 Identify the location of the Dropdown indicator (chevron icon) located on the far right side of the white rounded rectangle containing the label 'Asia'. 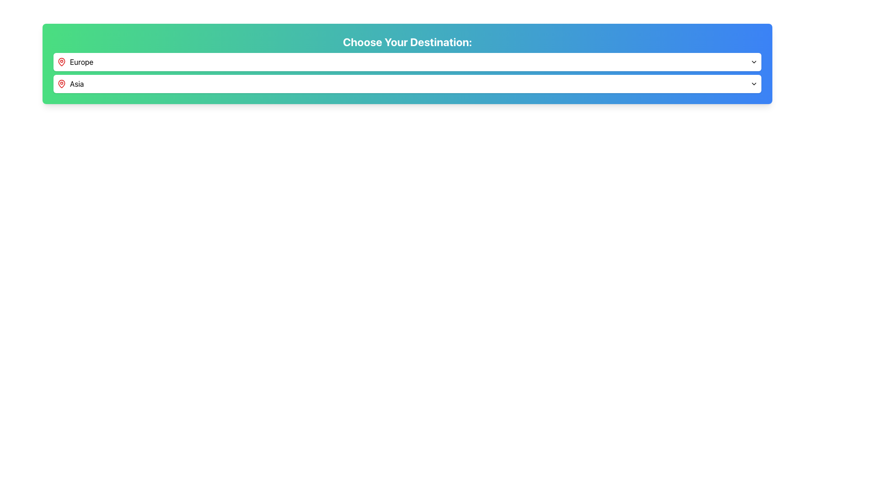
(754, 84).